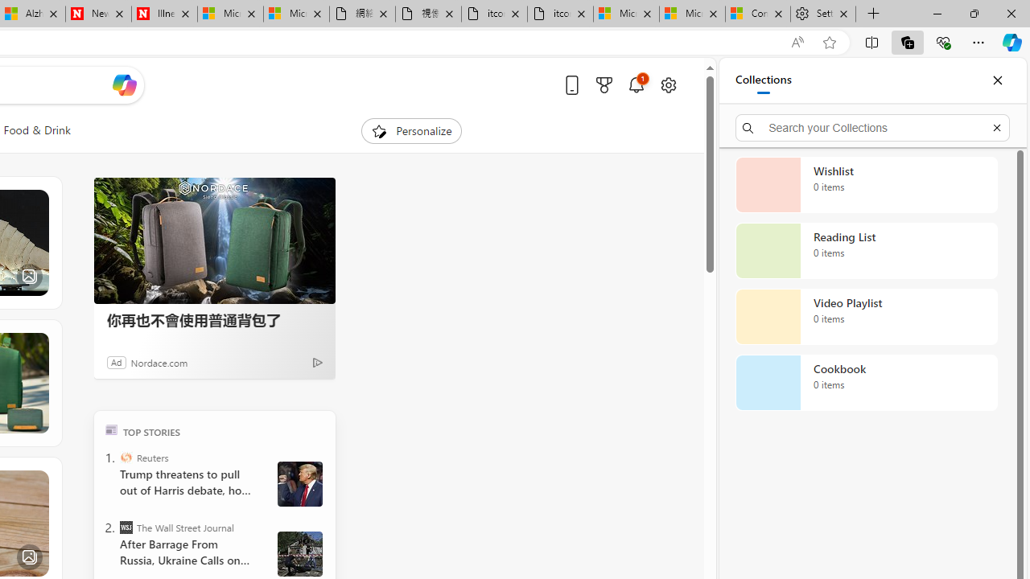 The height and width of the screenshot is (579, 1030). I want to click on 'Cookbook collection, 0 items', so click(866, 382).